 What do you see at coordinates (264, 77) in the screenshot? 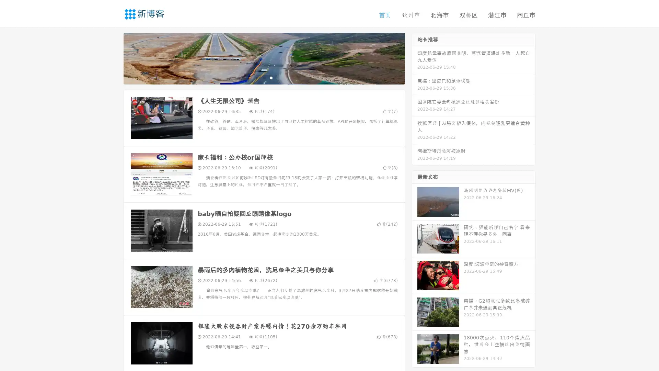
I see `Go to slide 2` at bounding box center [264, 77].